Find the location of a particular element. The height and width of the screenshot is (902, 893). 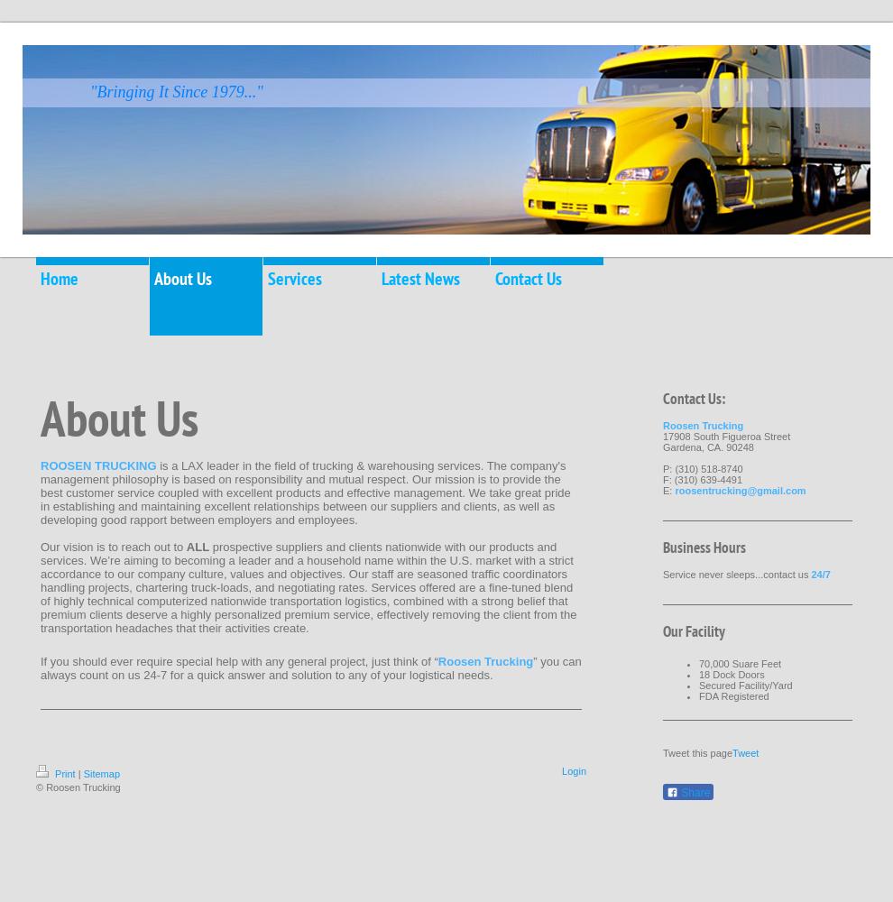

'Business Hours' is located at coordinates (704, 547).